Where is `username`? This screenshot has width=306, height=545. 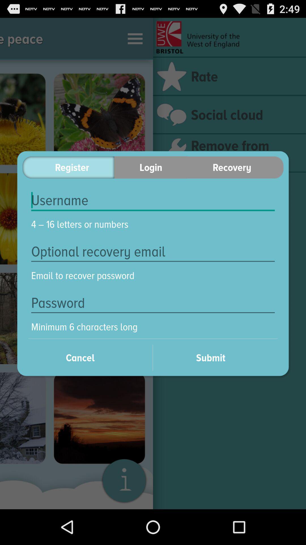
username is located at coordinates (153, 200).